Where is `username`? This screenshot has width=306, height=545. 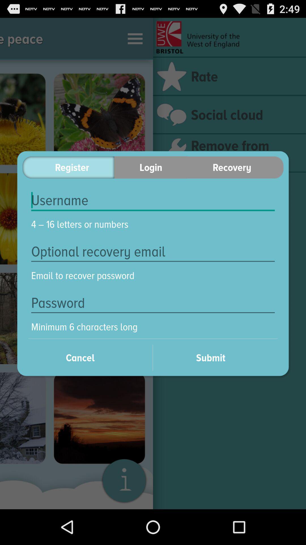
username is located at coordinates (153, 200).